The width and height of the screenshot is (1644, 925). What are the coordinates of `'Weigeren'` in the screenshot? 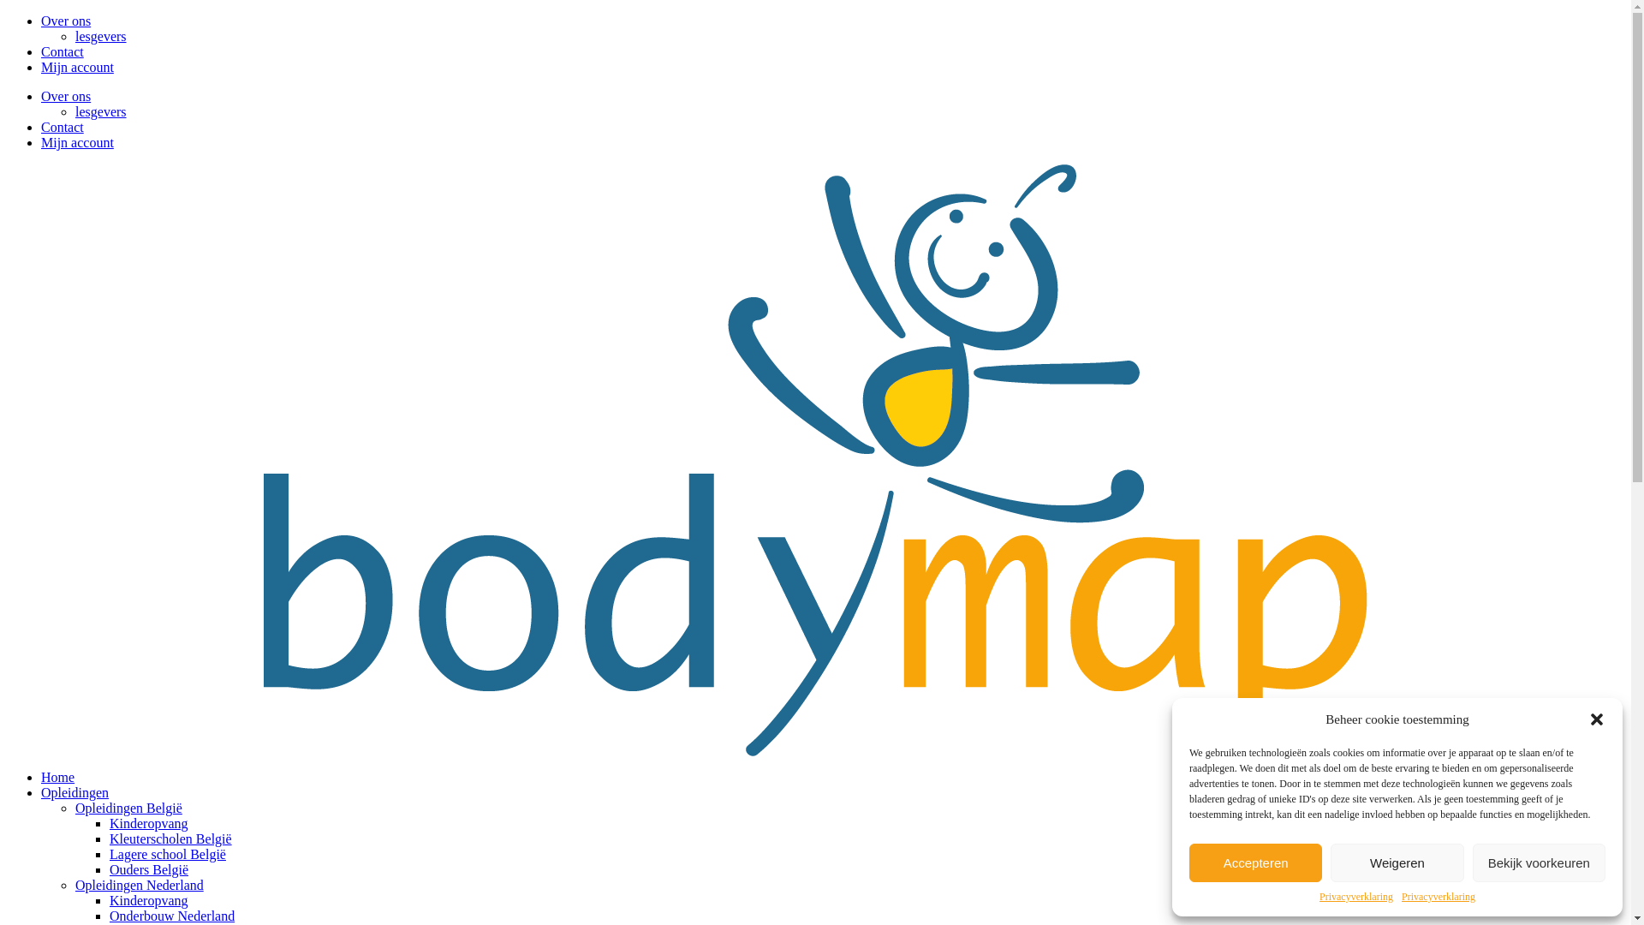 It's located at (1397, 862).